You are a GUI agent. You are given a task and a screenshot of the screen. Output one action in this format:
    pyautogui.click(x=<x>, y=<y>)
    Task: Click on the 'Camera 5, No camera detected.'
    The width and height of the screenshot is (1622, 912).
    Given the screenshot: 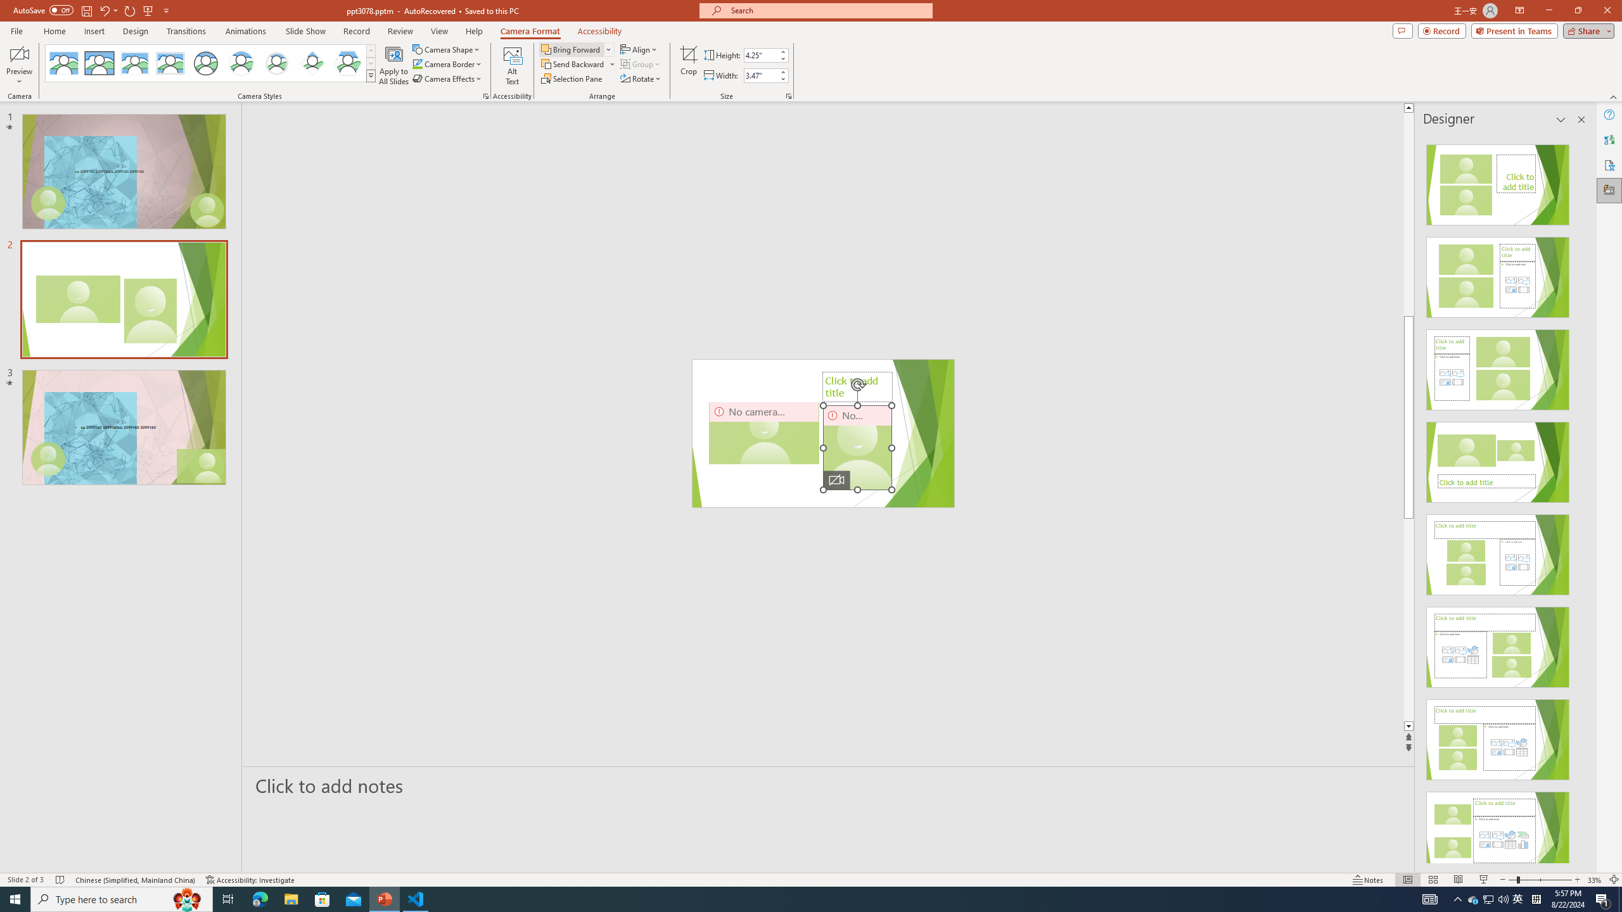 What is the action you would take?
    pyautogui.click(x=857, y=447)
    